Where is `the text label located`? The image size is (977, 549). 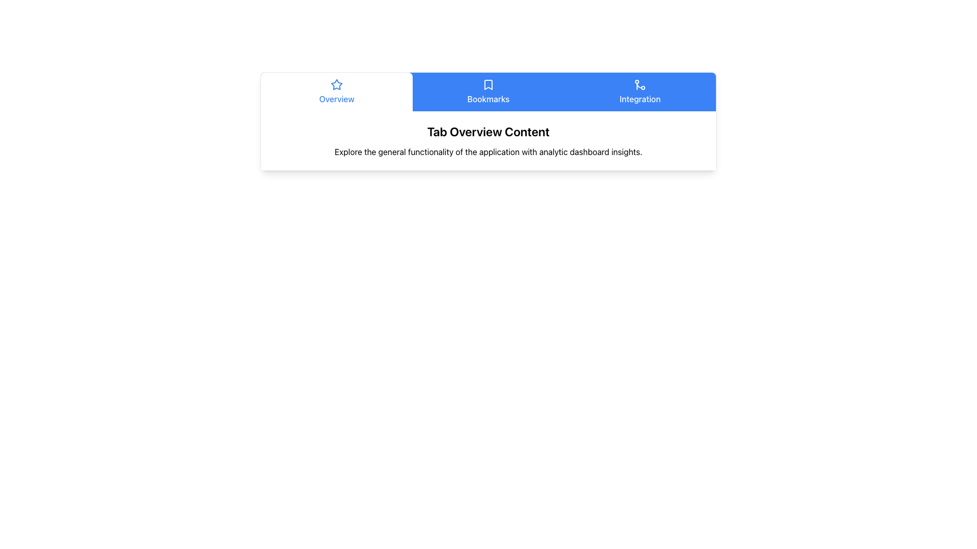 the text label located is located at coordinates (337, 99).